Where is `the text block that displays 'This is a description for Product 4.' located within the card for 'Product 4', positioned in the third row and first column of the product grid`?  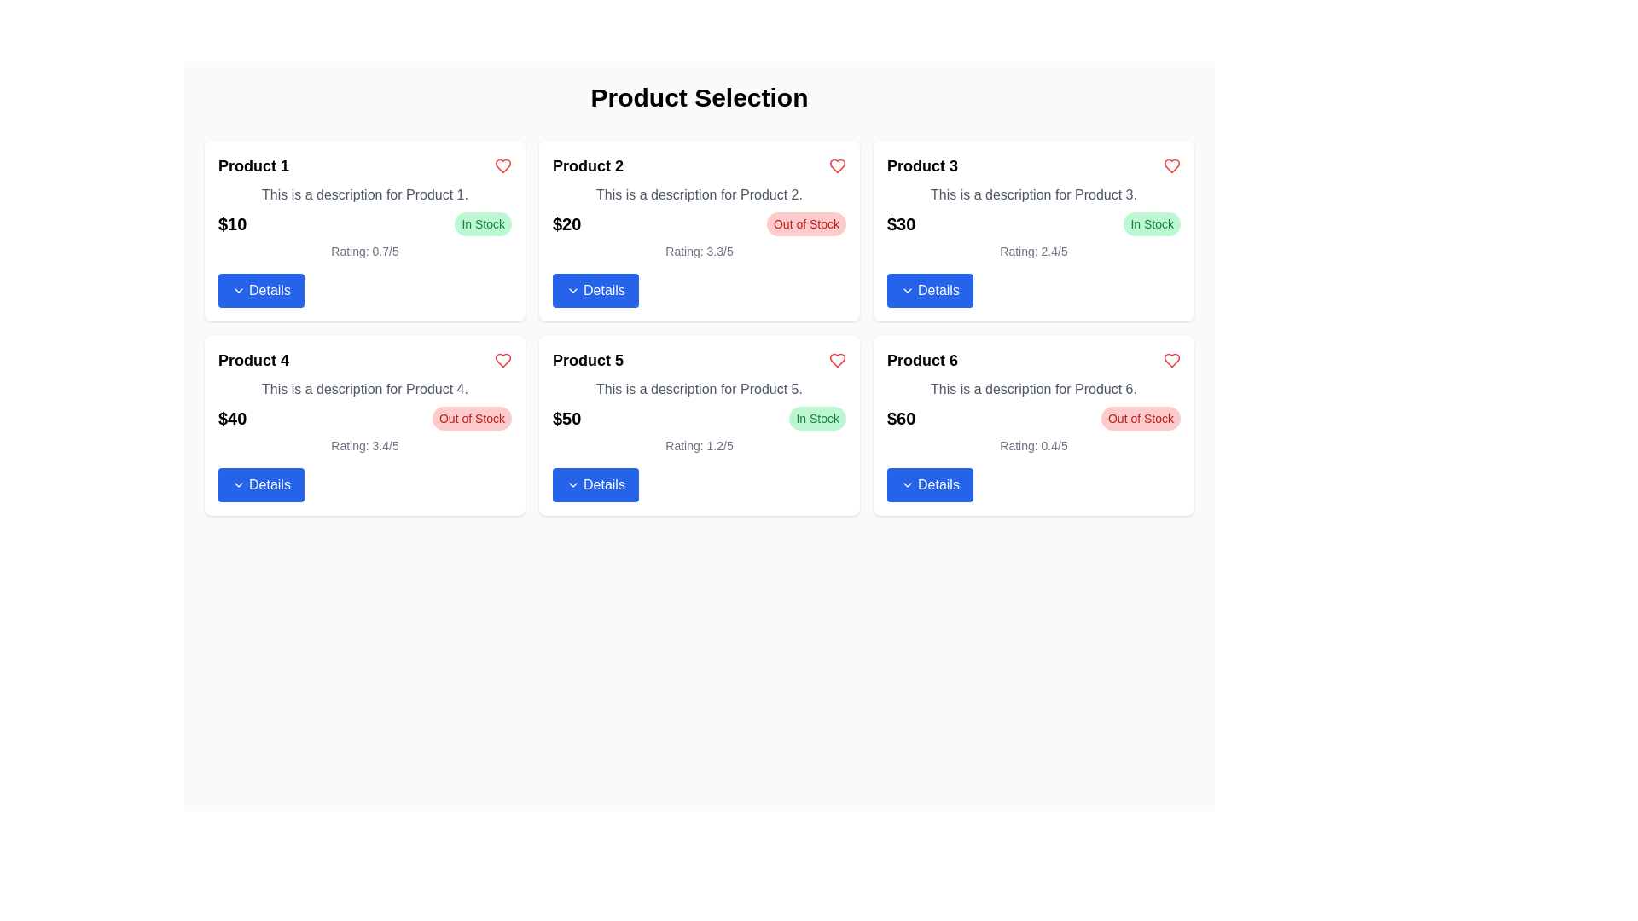 the text block that displays 'This is a description for Product 4.' located within the card for 'Product 4', positioned in the third row and first column of the product grid is located at coordinates (363, 389).